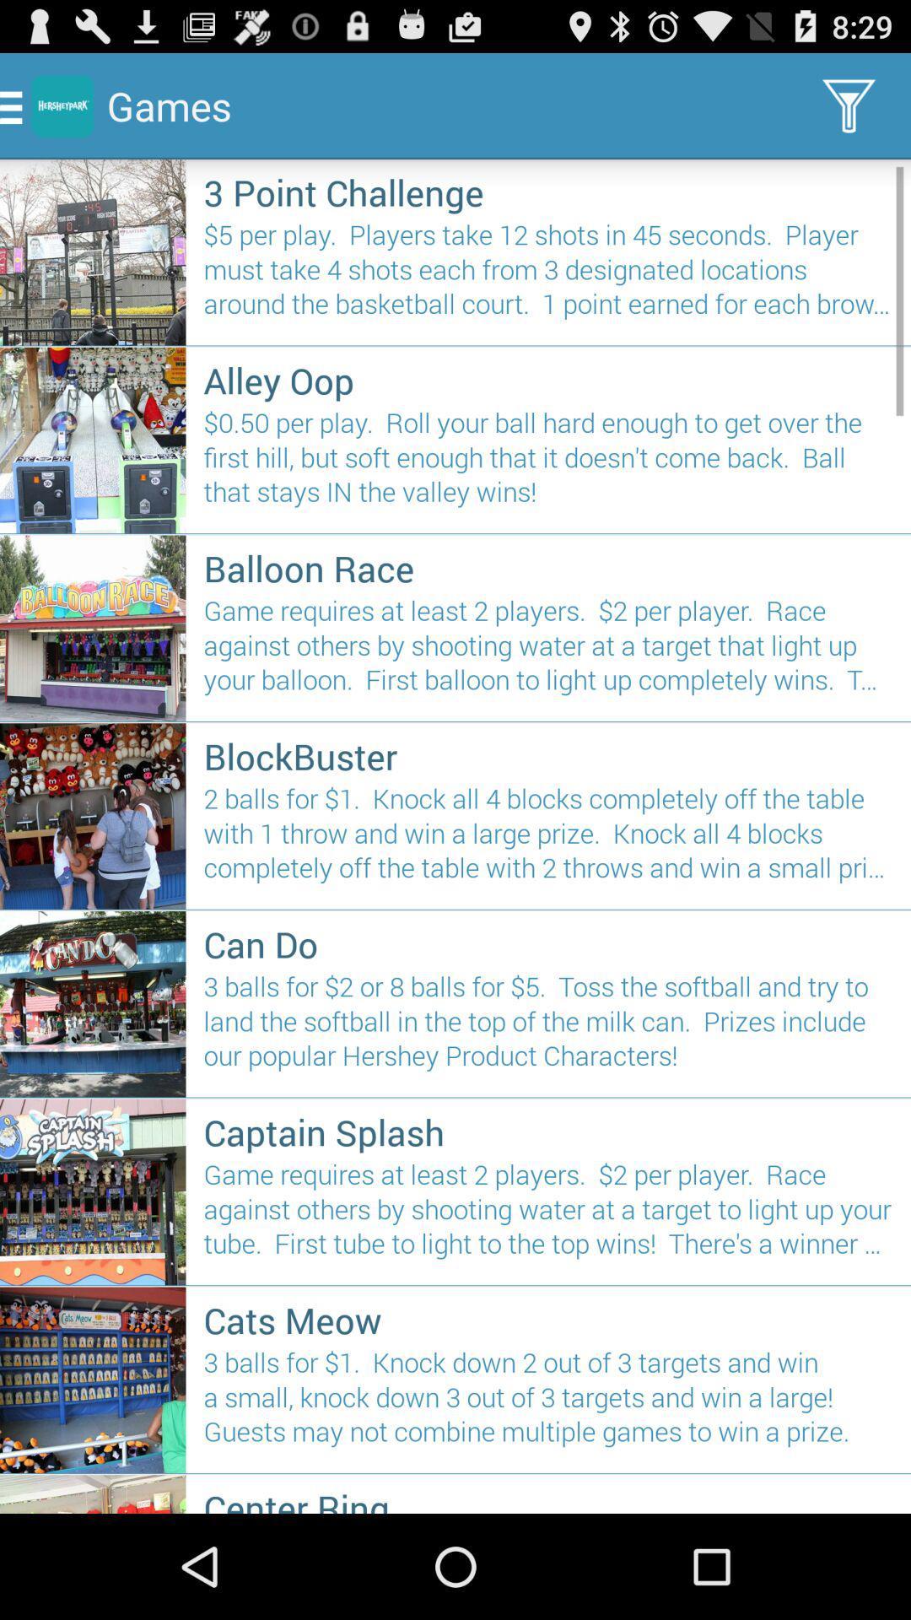  I want to click on the icon below game requires at, so click(548, 755).